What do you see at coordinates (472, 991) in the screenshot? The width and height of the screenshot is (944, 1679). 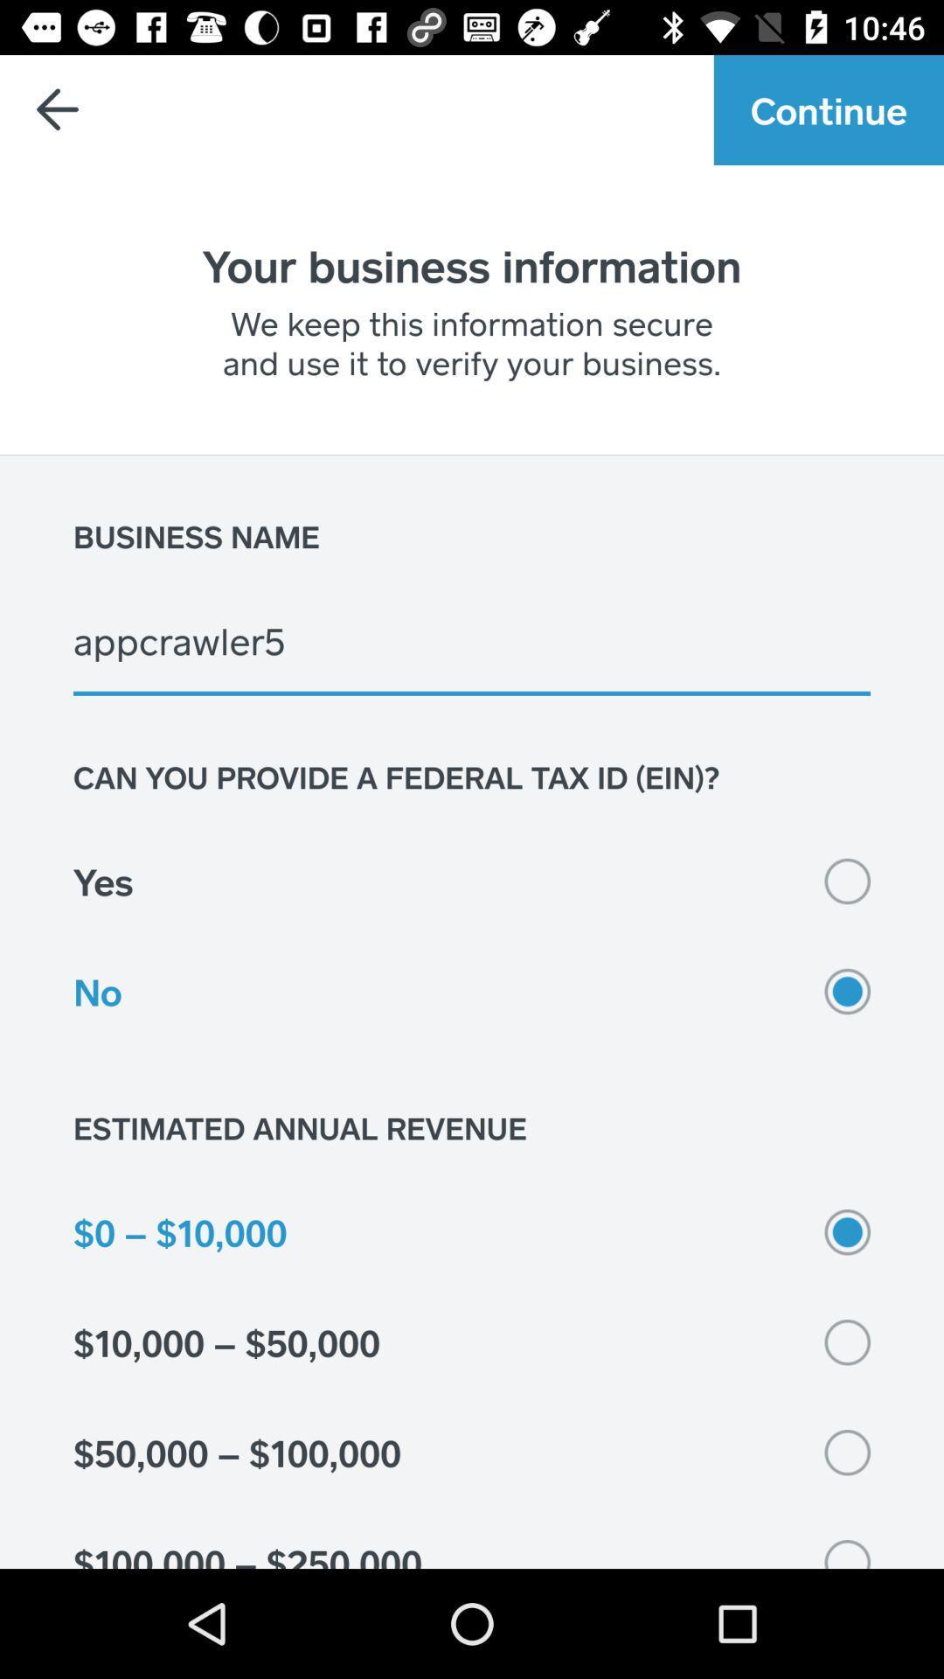 I see `no icon` at bounding box center [472, 991].